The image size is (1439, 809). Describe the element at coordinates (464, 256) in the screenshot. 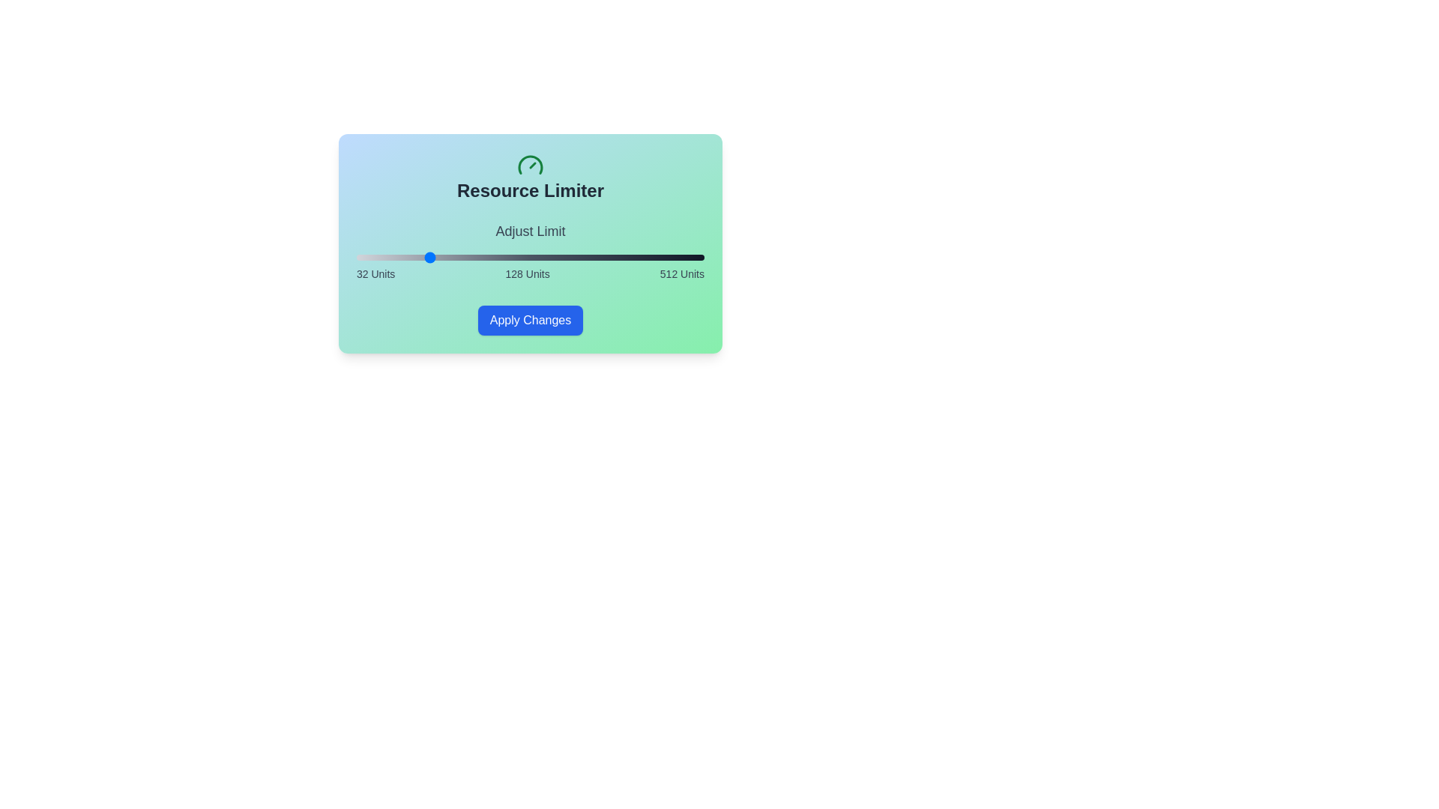

I see `the slider to set its value to 182` at that location.